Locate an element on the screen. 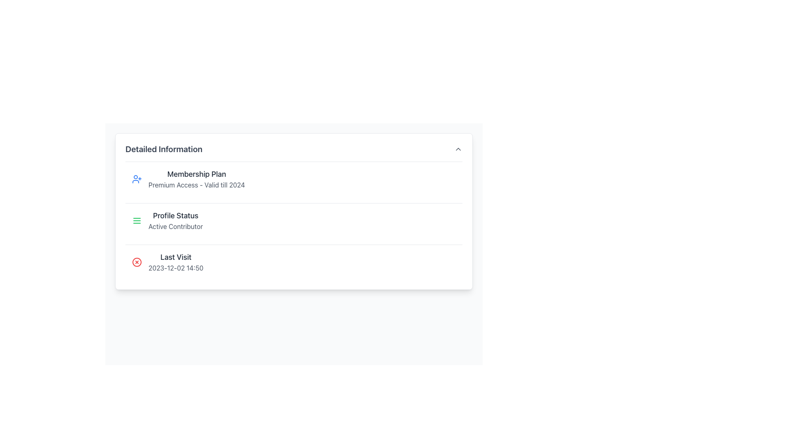 The width and height of the screenshot is (790, 444). the Informational section that displays the profile's current status, located below the 'Membership Plan' and above 'Last Visit' is located at coordinates (294, 220).